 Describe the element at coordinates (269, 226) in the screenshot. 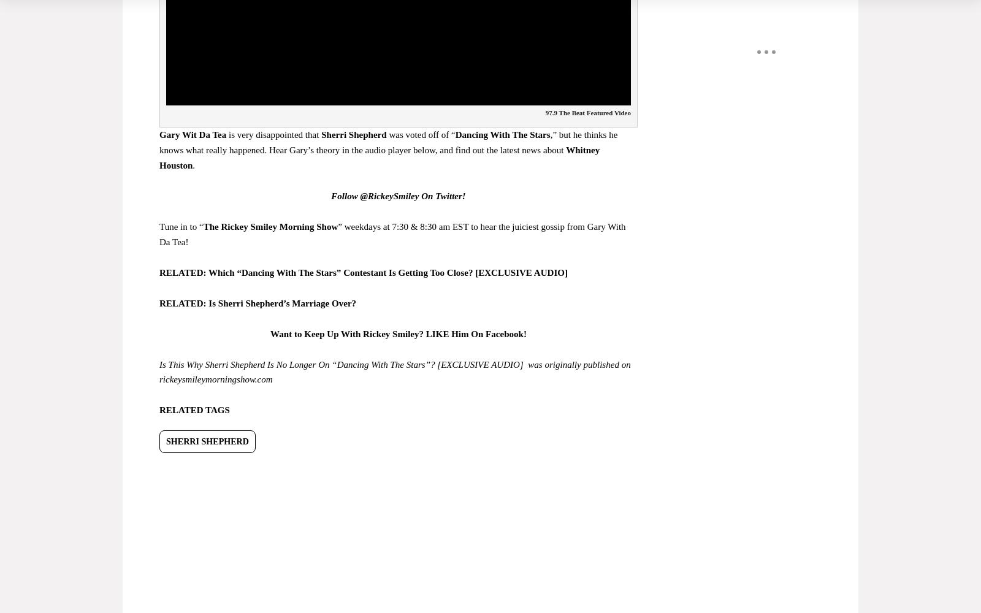

I see `'The Rickey Smiley Morning Show'` at that location.